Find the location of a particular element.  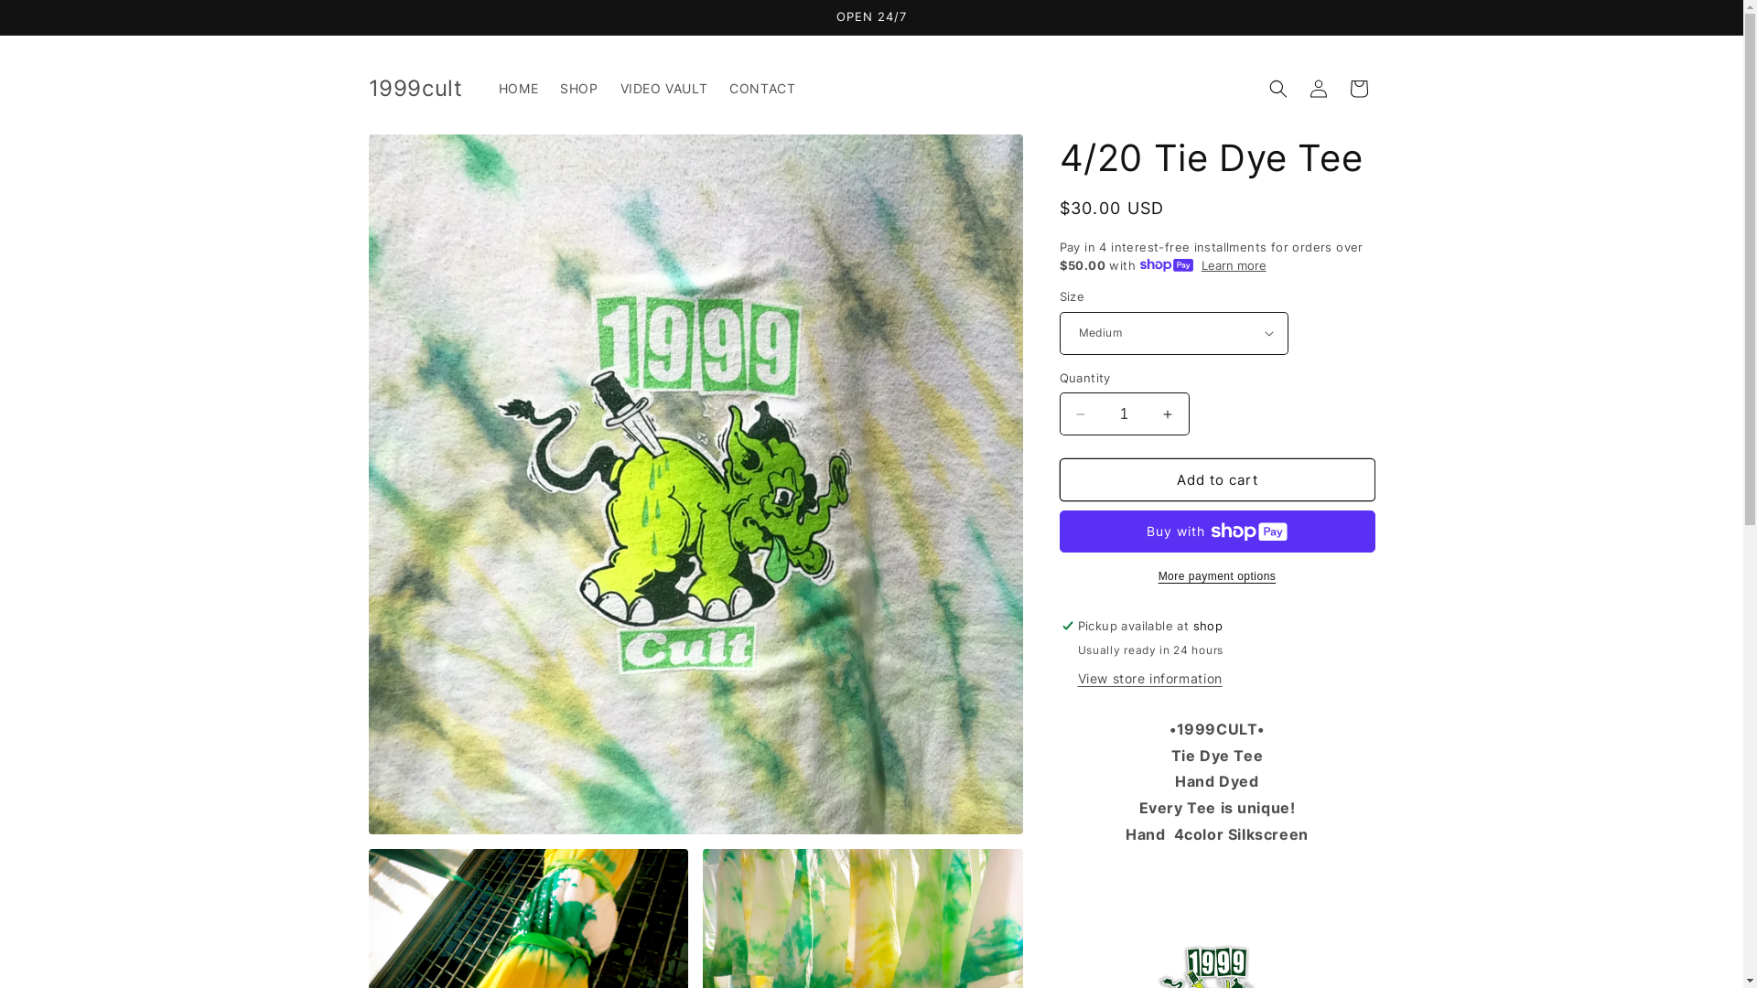

'HOME' is located at coordinates (517, 88).